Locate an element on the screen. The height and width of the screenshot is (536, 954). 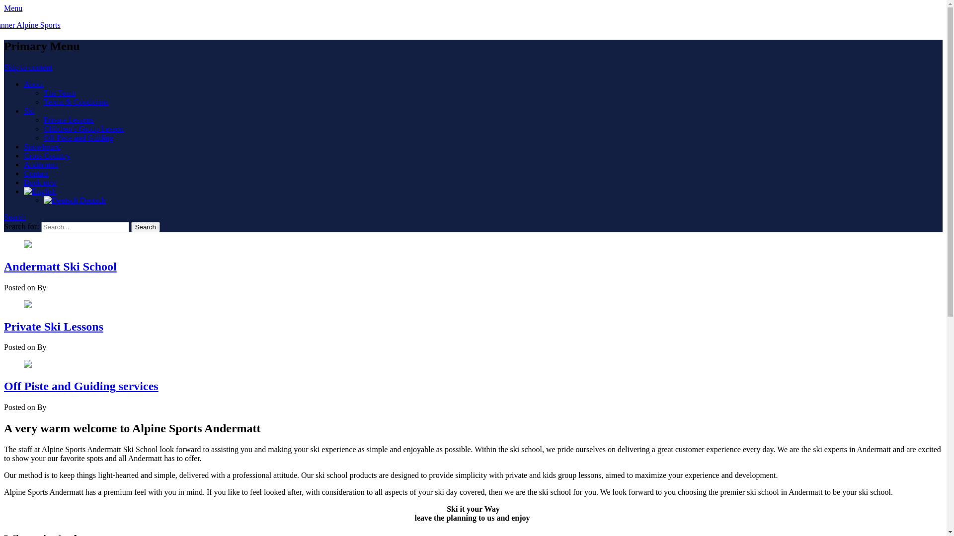
'The Team' is located at coordinates (59, 93).